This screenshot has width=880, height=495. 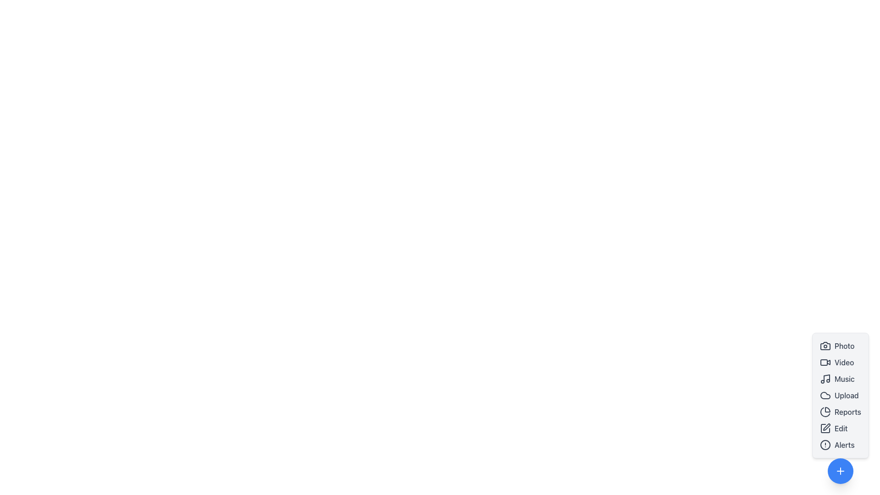 I want to click on one of the interactive menu items in the vertical menu component located in the bottom-right region of the interface, so click(x=840, y=395).